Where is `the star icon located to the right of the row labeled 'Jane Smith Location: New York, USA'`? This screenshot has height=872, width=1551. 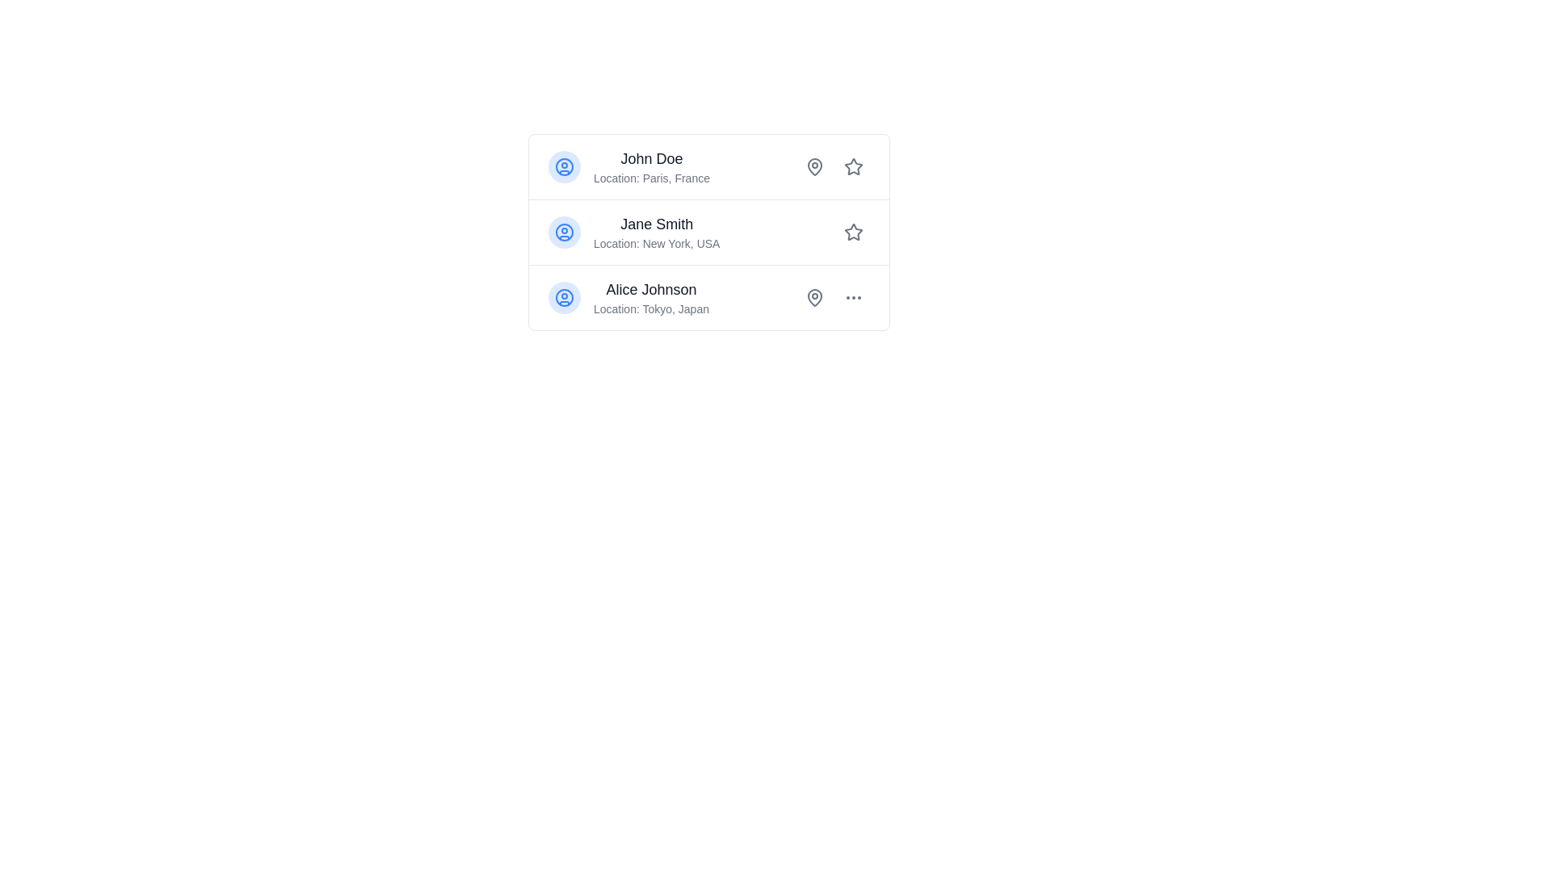 the star icon located to the right of the row labeled 'Jane Smith Location: New York, USA' is located at coordinates (852, 233).